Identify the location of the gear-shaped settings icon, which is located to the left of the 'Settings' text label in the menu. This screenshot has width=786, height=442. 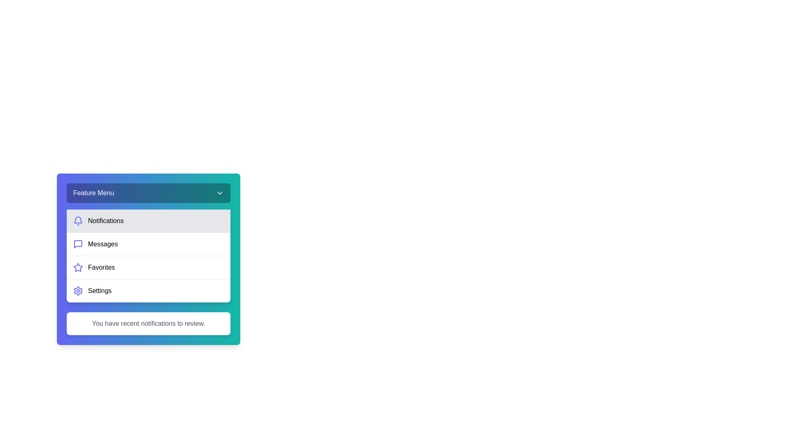
(78, 290).